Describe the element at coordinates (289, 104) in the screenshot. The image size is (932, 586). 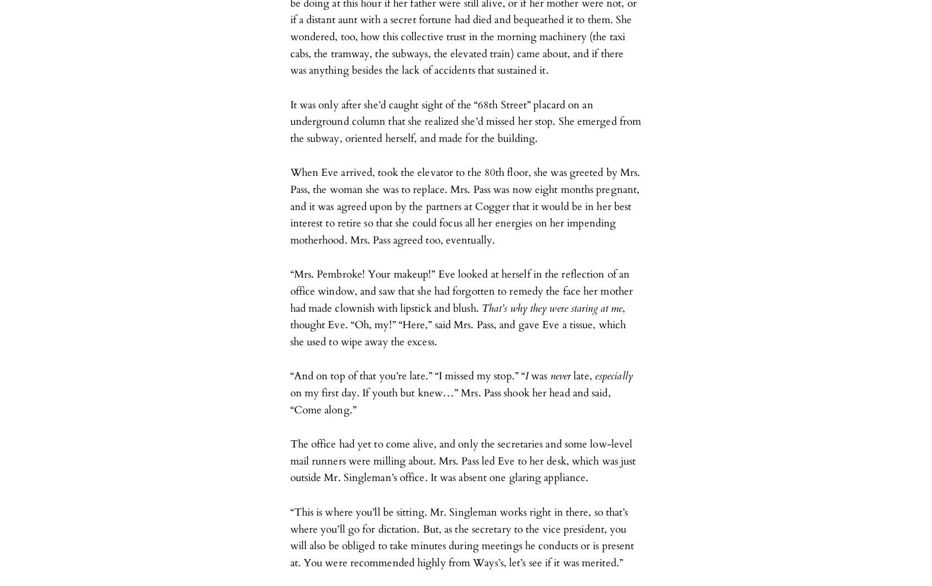
I see `'It was only after she’d caught sight of the “68'` at that location.